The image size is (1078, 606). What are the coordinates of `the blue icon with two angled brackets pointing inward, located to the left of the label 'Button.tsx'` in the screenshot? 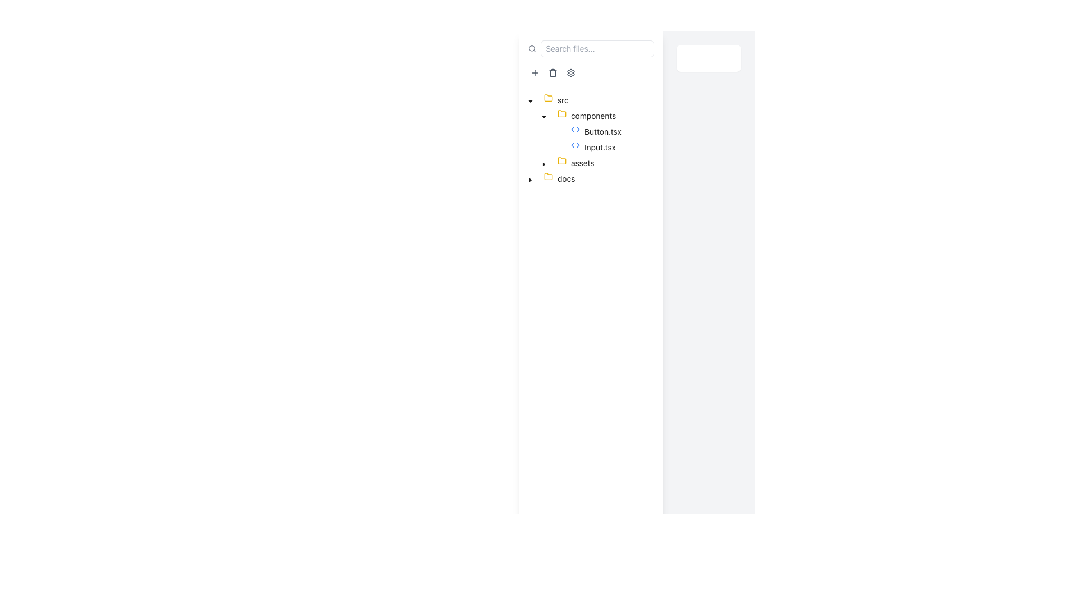 It's located at (577, 131).